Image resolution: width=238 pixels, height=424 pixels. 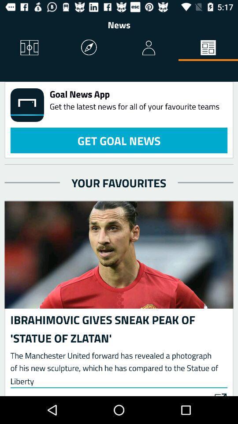 I want to click on item below news icon, so click(x=89, y=48).